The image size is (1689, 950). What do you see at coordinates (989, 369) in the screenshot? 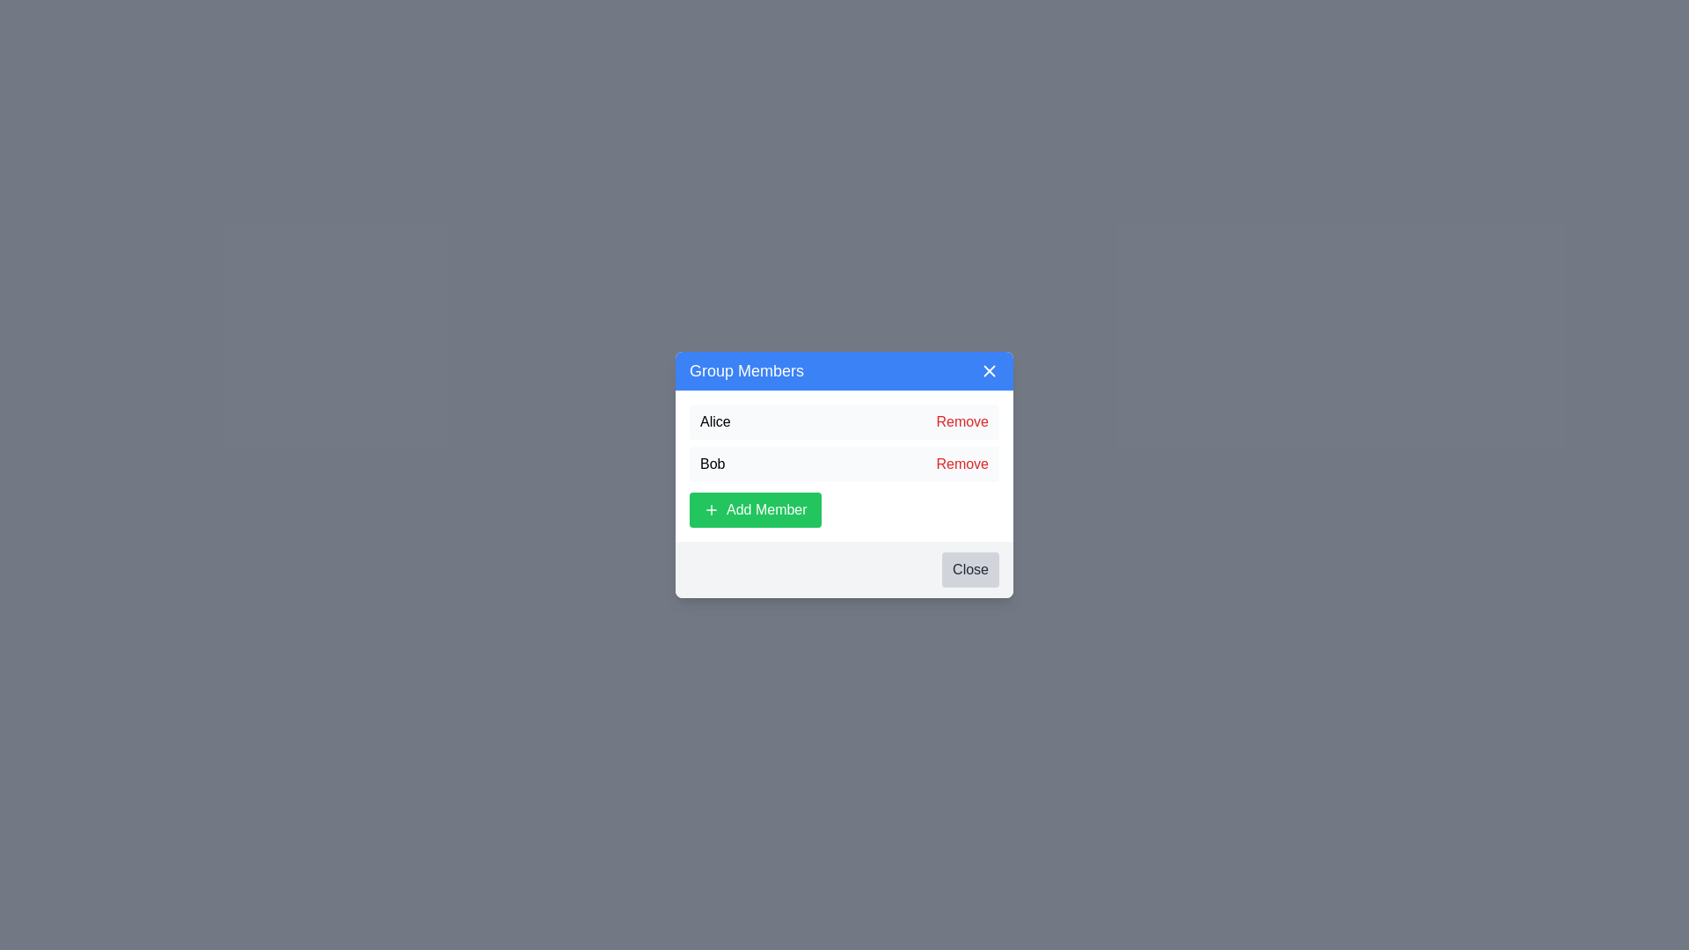
I see `the red-colored, cross-shaped close icon in the top-right corner of the 'Group Members' dialog box` at bounding box center [989, 369].